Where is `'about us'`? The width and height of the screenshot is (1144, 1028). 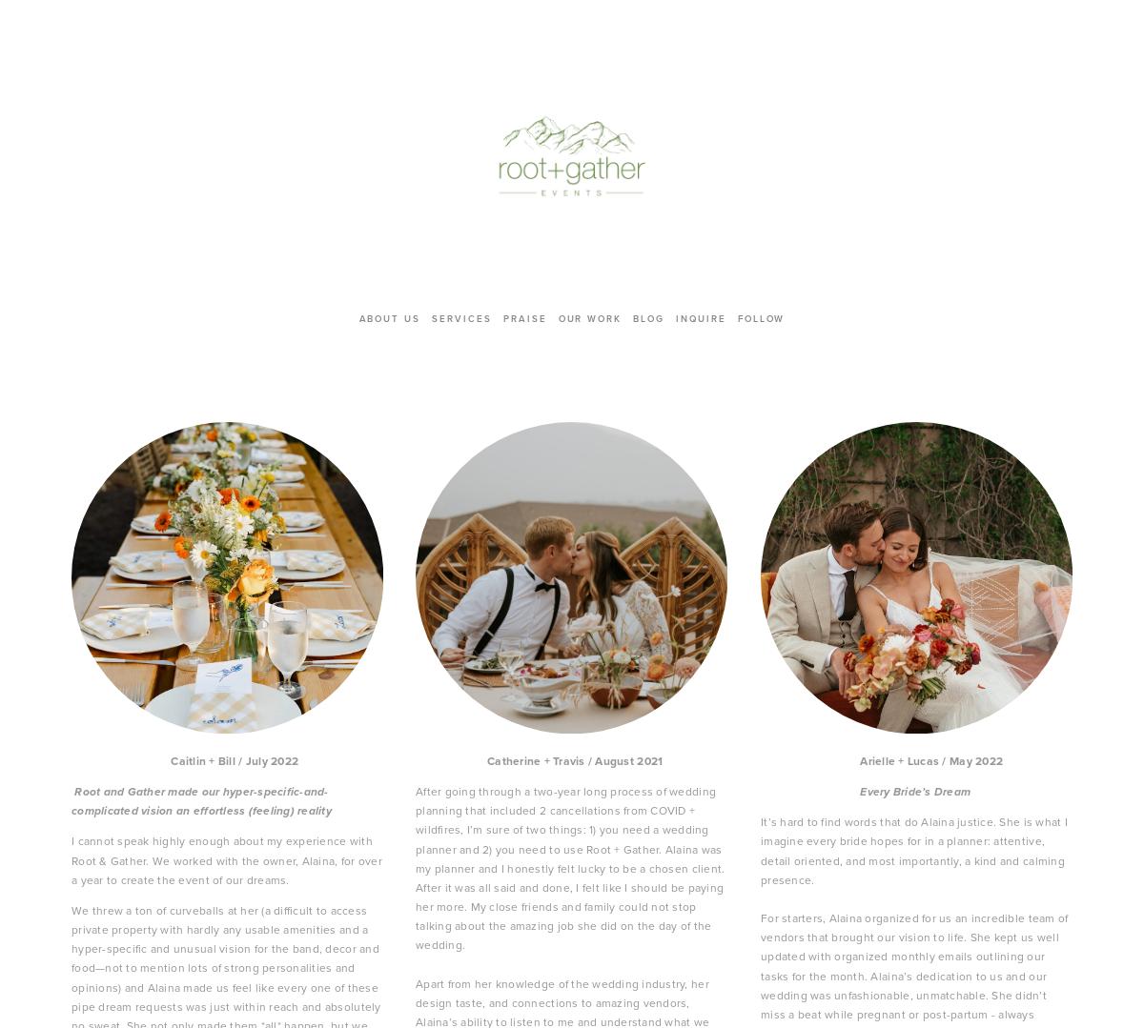 'about us' is located at coordinates (389, 318).